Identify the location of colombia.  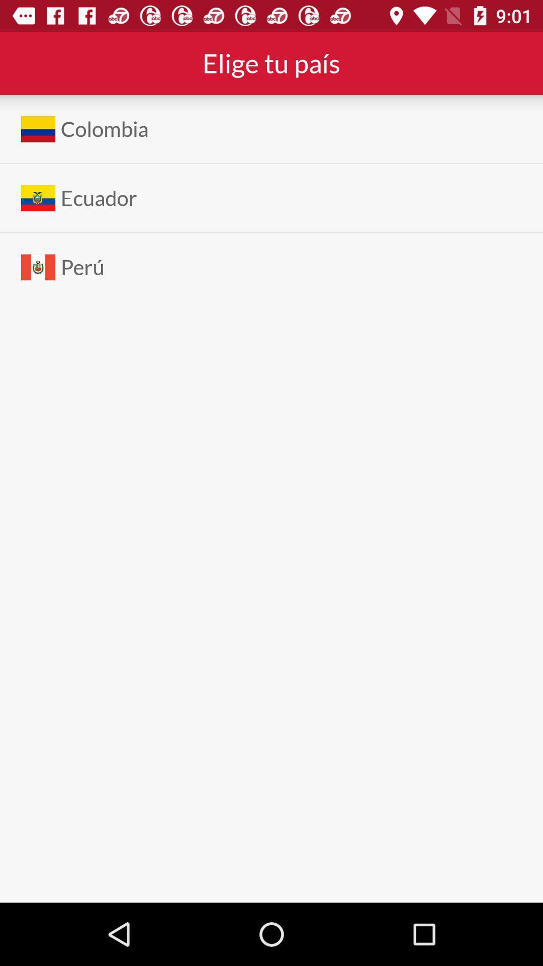
(105, 128).